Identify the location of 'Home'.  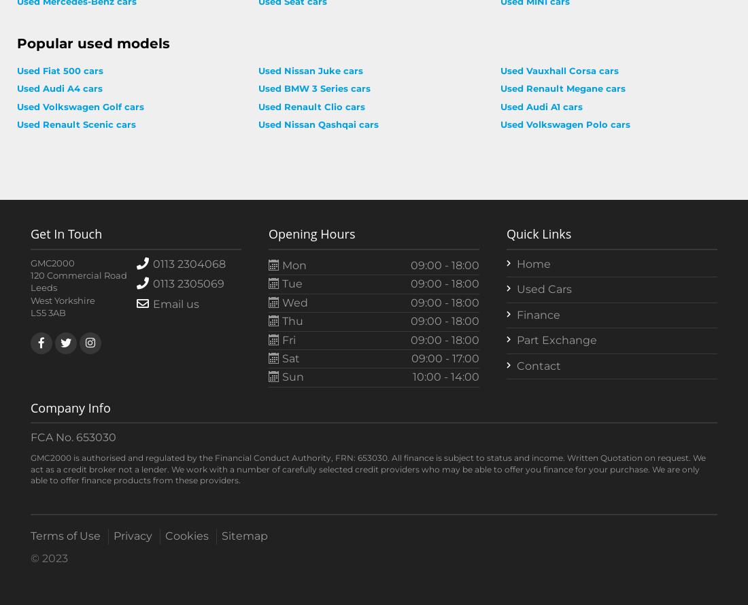
(533, 263).